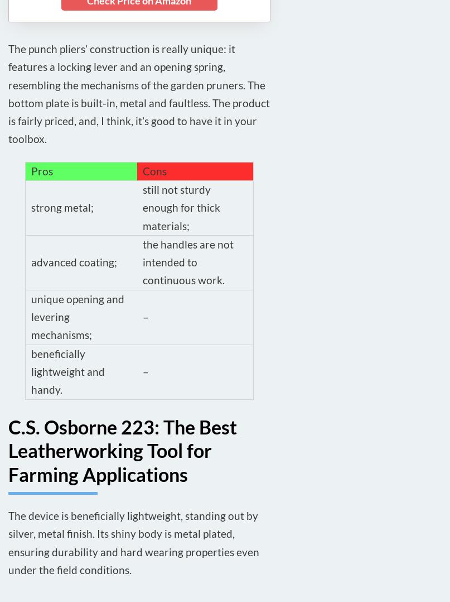  I want to click on 'advanced coating;', so click(73, 261).